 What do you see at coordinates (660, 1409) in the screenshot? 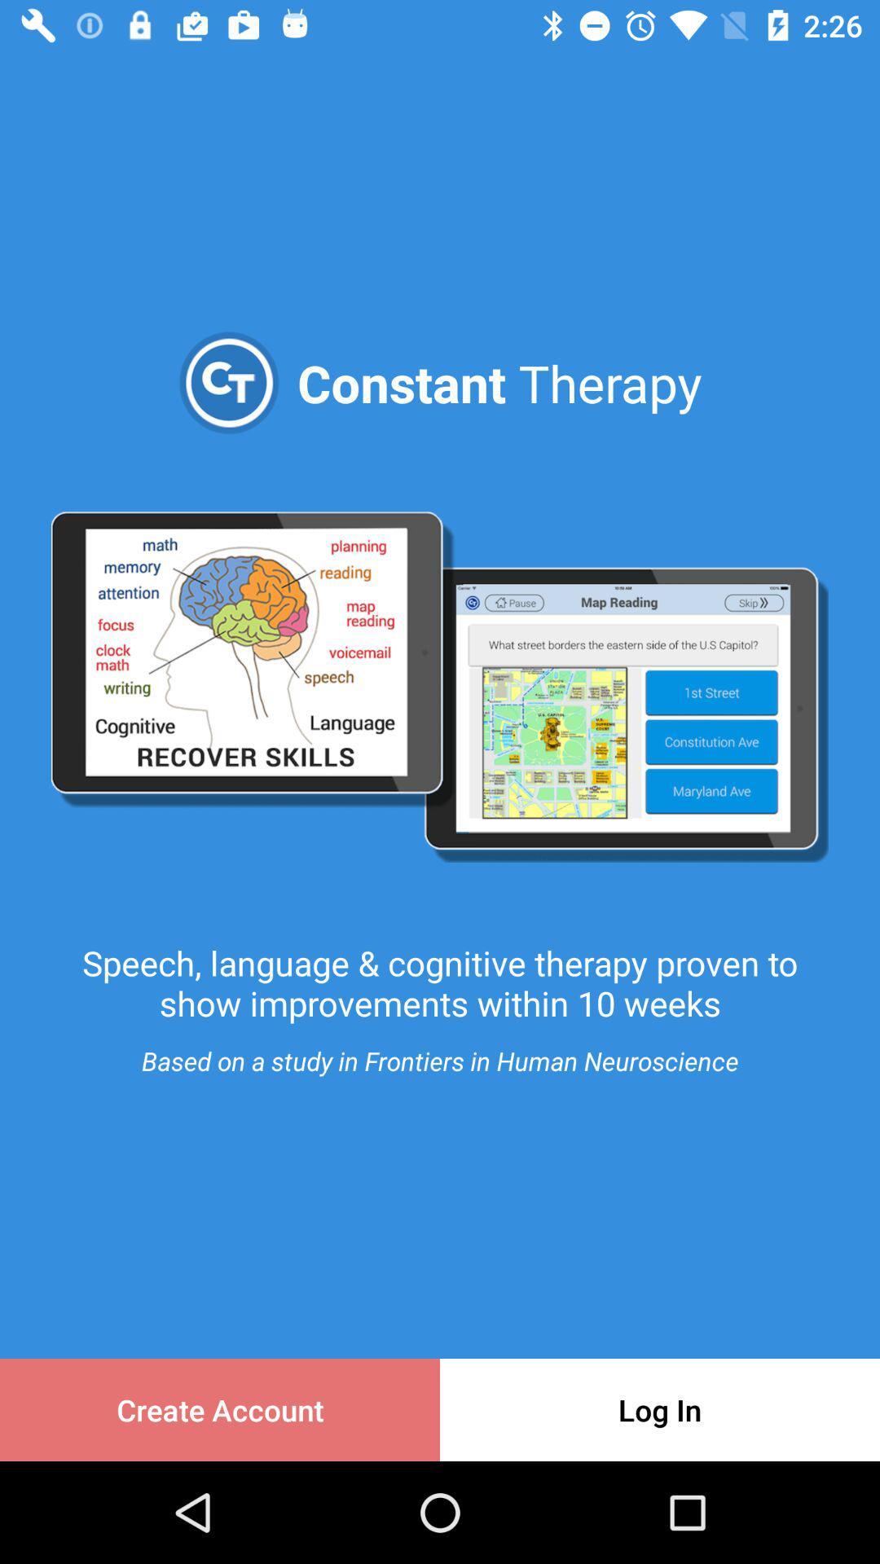
I see `icon below based on a icon` at bounding box center [660, 1409].